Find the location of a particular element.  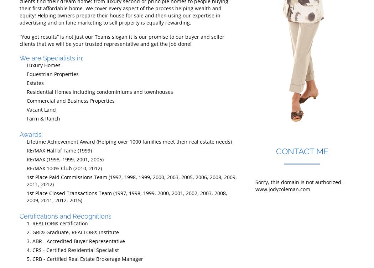

'1st Place Closed Transactions Team (1997, 1998, 1999, 2000, 2001, 2002, 2003, 2008, 2009, 2011, 2012, 2015)' is located at coordinates (126, 196).